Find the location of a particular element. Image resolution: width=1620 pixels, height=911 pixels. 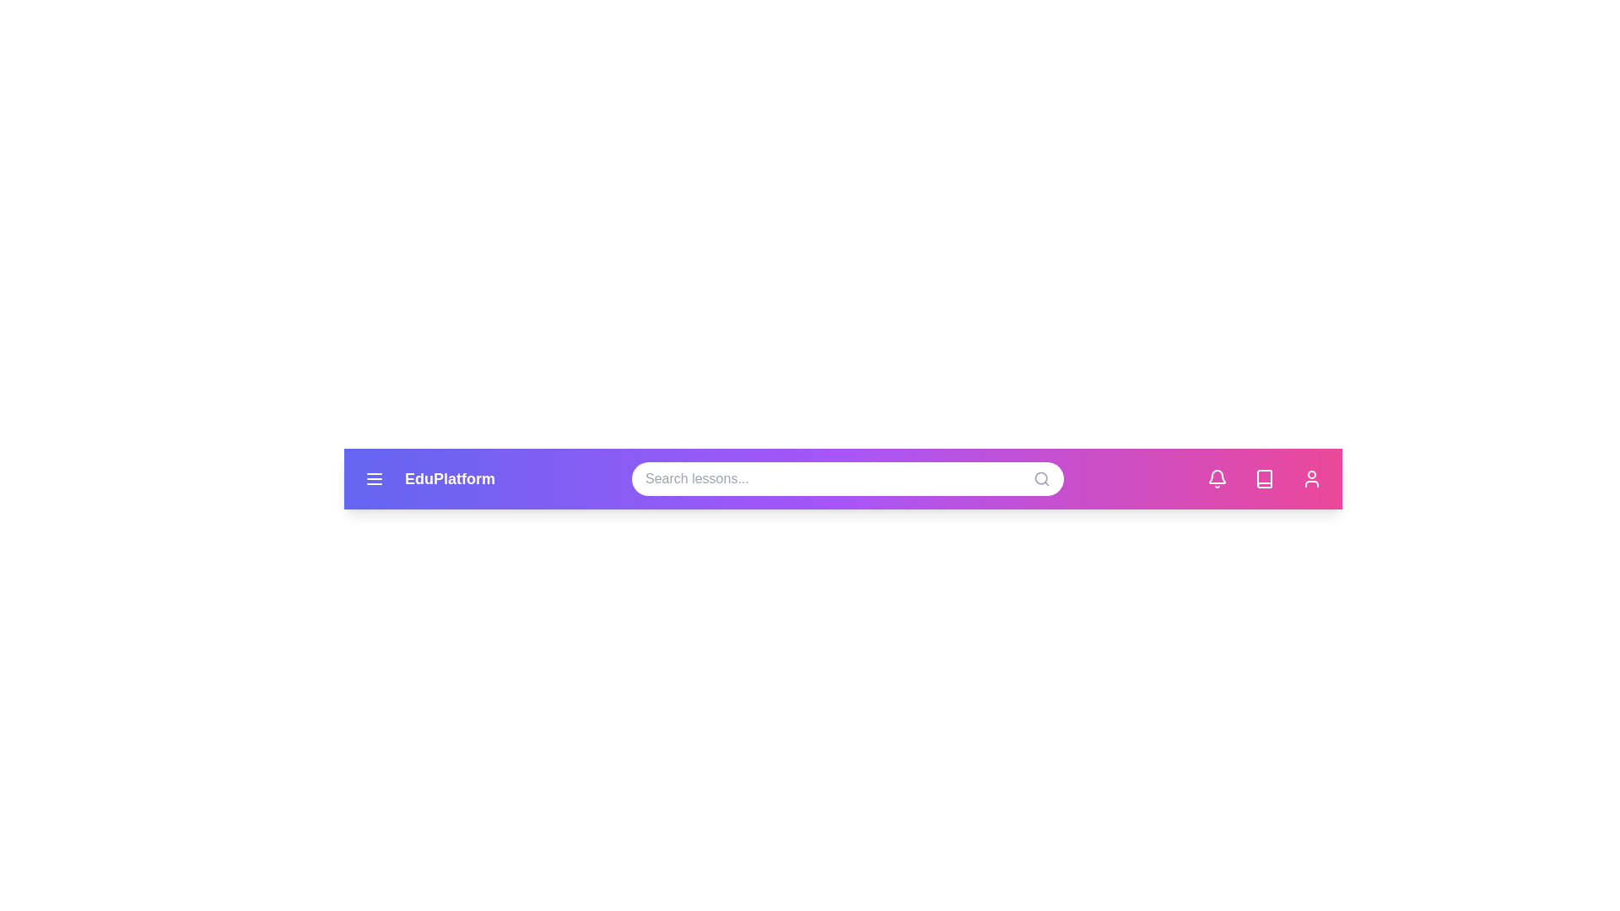

the bell icon to access notifications is located at coordinates (1218, 478).